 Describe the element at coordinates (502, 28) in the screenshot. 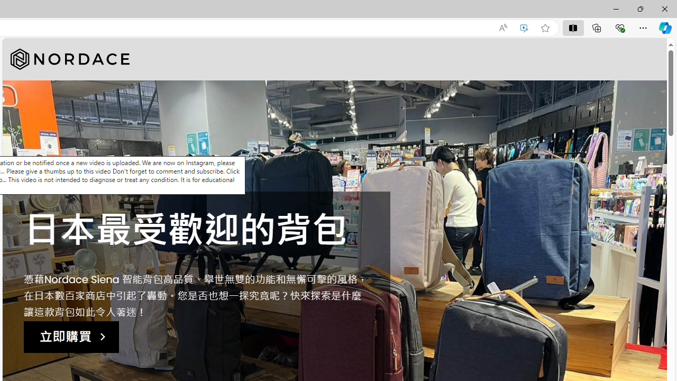

I see `'Read aloud this page (Ctrl+Shift+U)'` at that location.